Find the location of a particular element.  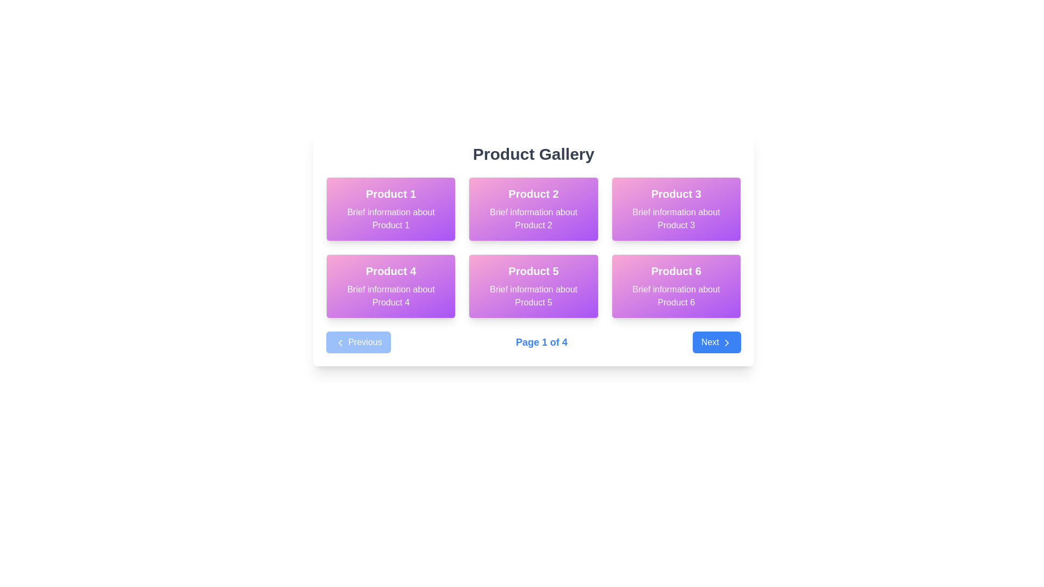

the text label 'Product 5' styled in bold, large font is located at coordinates (533, 270).